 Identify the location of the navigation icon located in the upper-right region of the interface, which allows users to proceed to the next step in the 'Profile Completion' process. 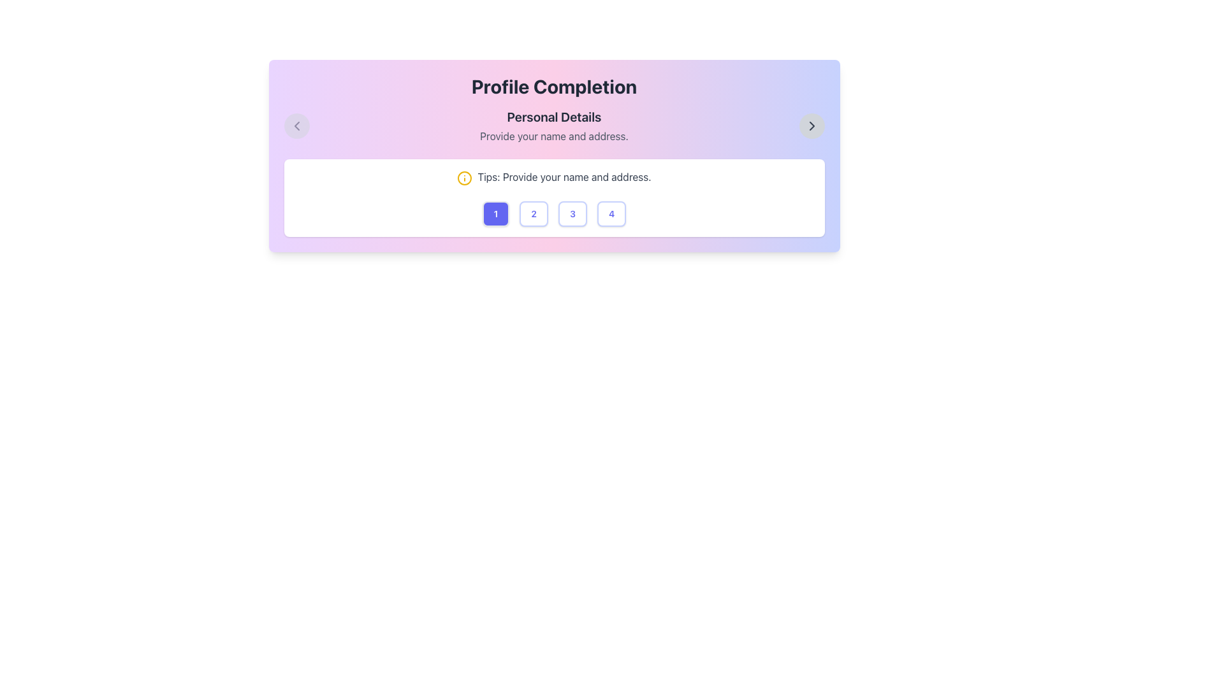
(811, 125).